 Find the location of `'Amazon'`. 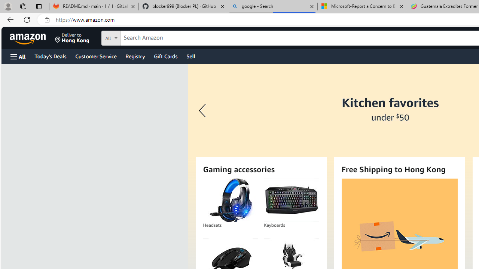

'Amazon' is located at coordinates (28, 38).